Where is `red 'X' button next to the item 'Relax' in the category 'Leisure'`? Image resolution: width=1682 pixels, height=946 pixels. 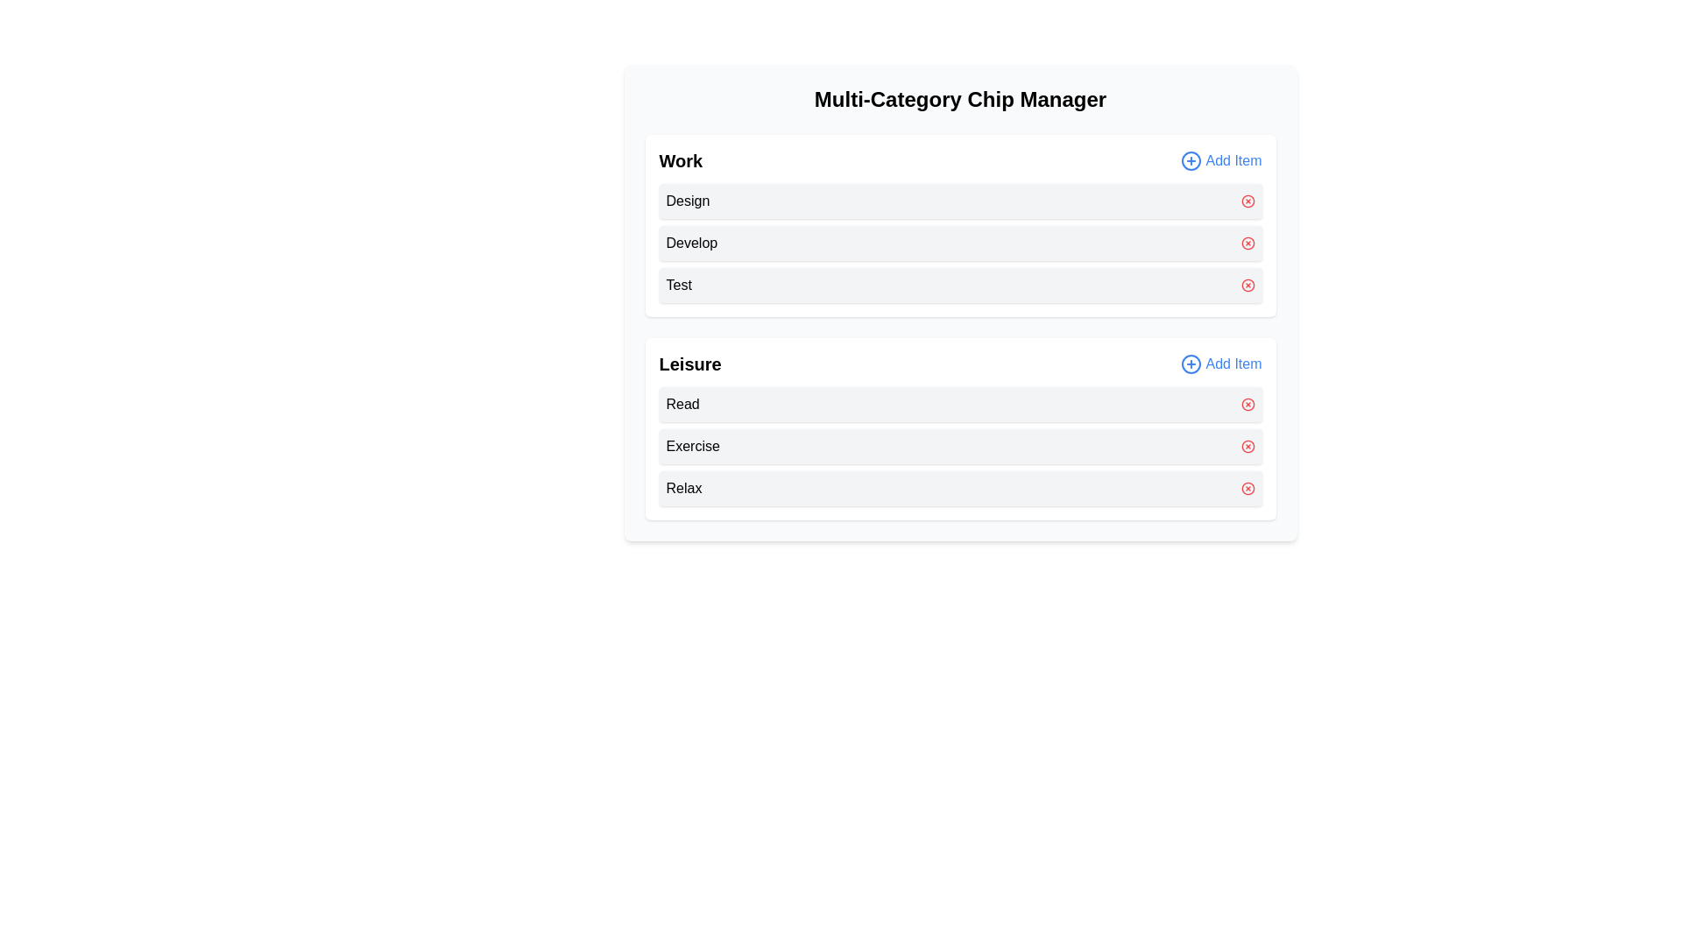
red 'X' button next to the item 'Relax' in the category 'Leisure' is located at coordinates (1247, 489).